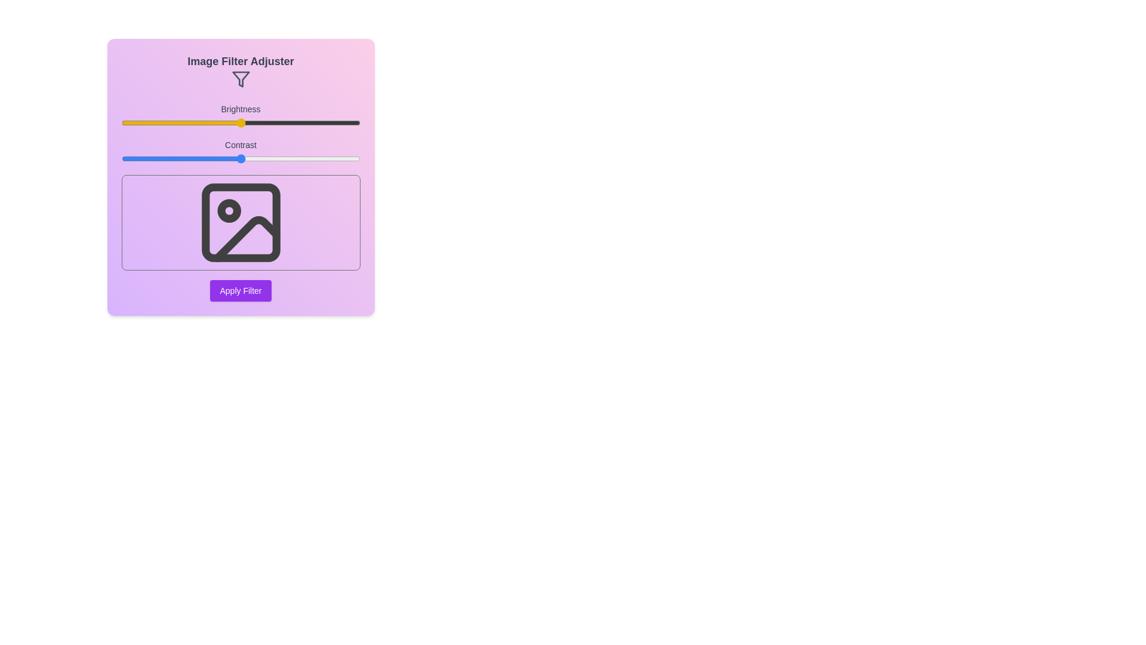 Image resolution: width=1146 pixels, height=645 pixels. I want to click on the contrast slider to 19%, so click(166, 158).